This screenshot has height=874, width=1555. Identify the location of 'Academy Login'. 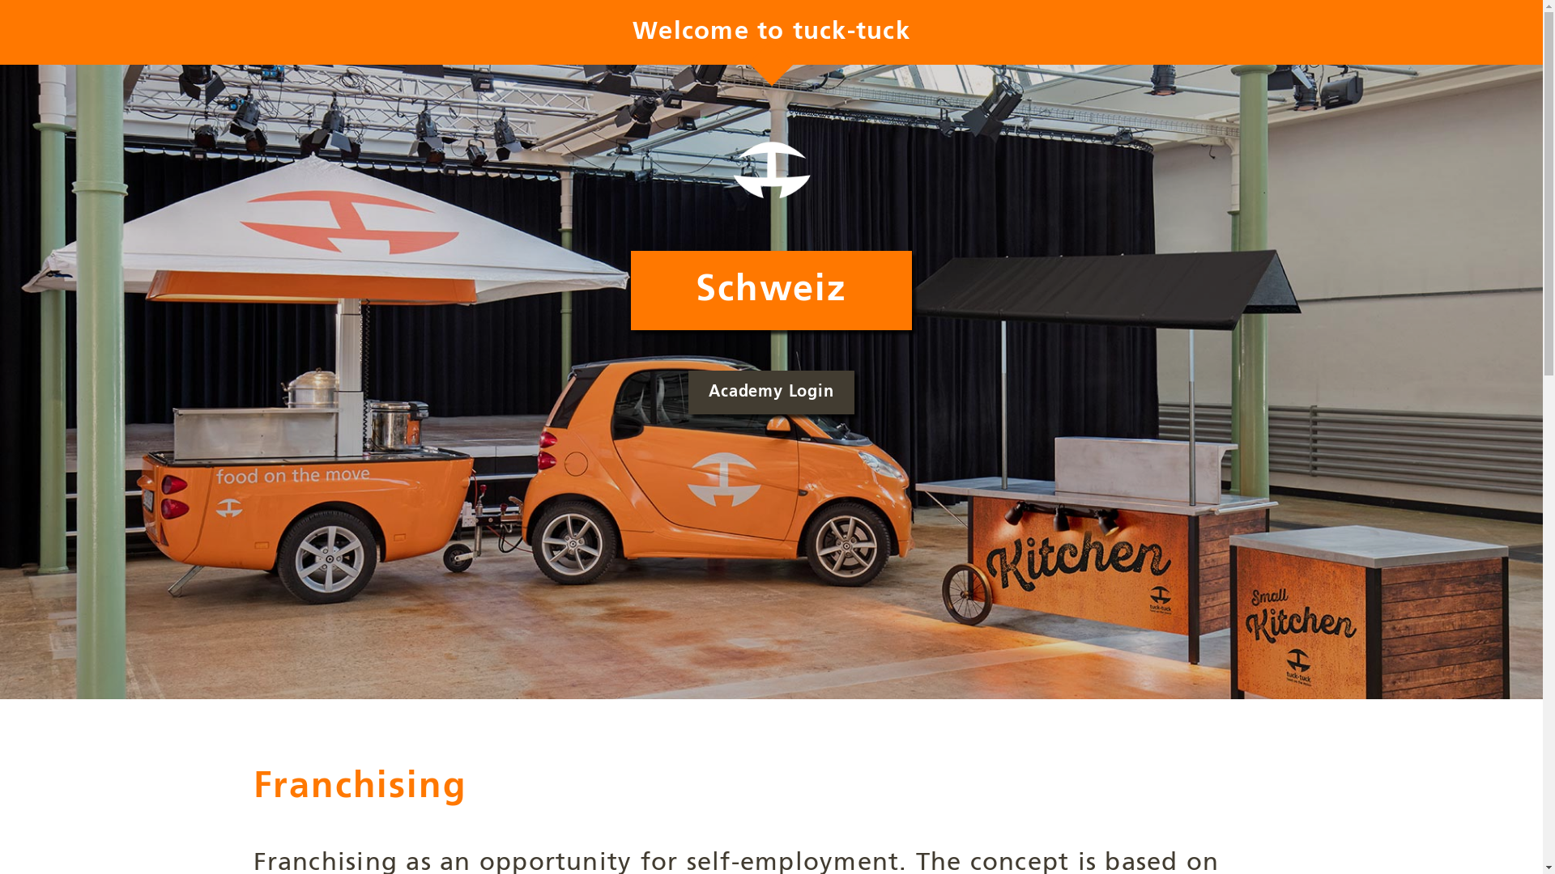
(769, 392).